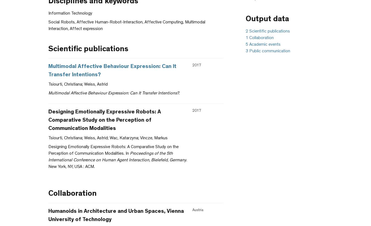 This screenshot has width=371, height=226. Describe the element at coordinates (263, 45) in the screenshot. I see `'5 Academic events'` at that location.